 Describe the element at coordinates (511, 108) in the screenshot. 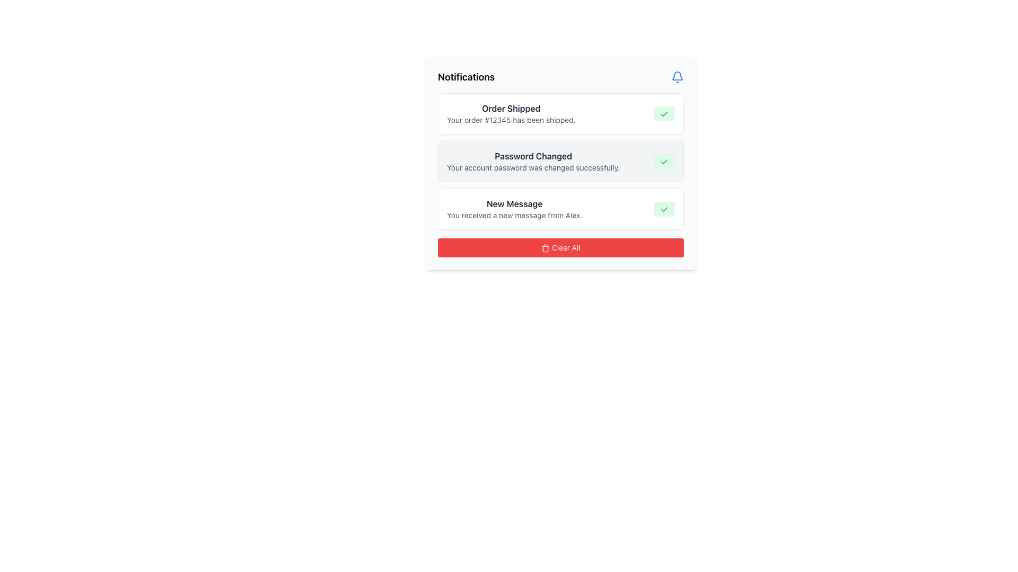

I see `static notification header displaying 'Order Shipped' status, which contains the text 'Your order #12345 has been shipped.'` at that location.